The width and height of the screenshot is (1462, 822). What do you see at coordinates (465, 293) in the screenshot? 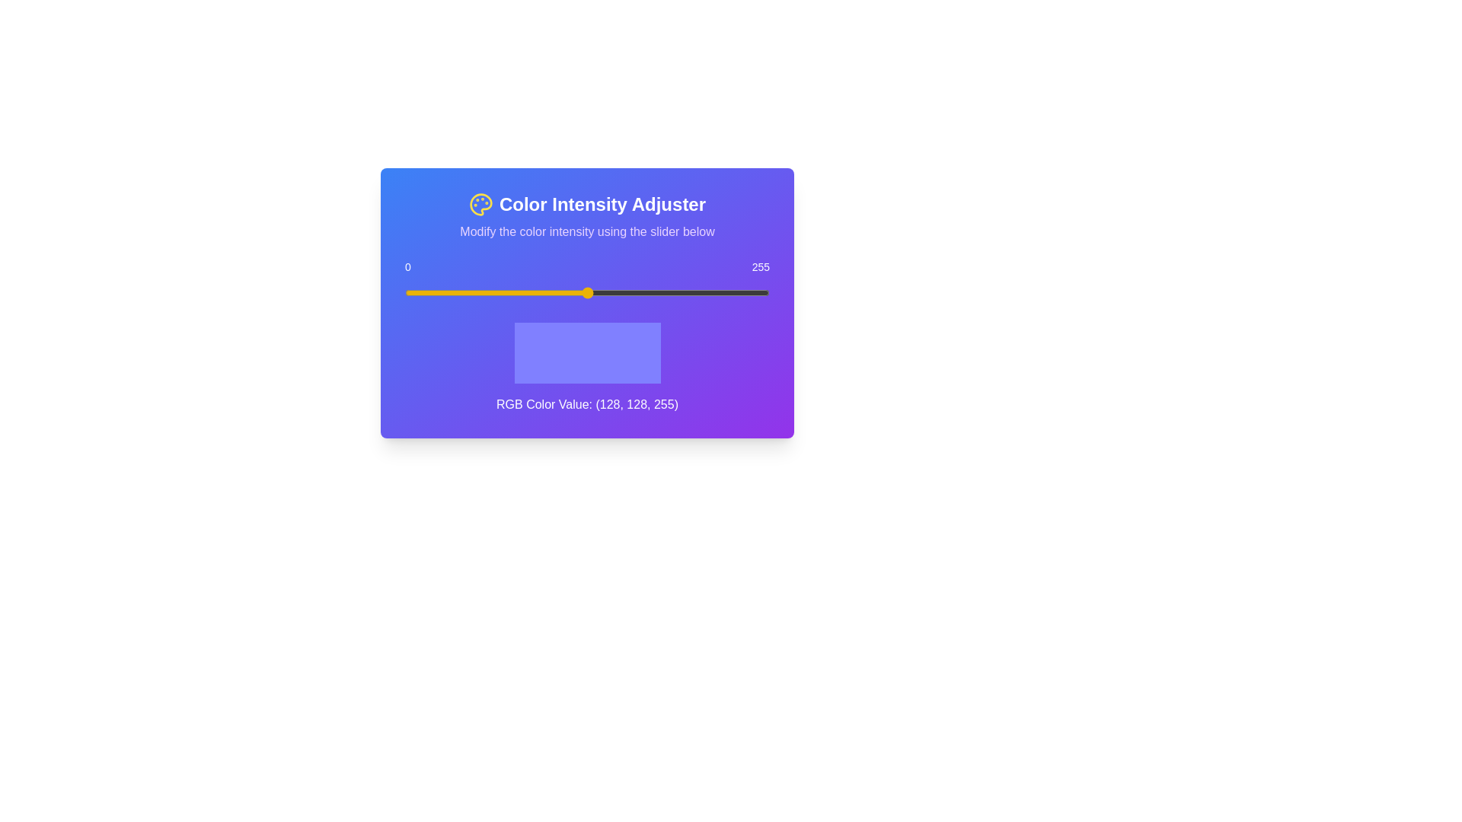
I see `the slider to set the value to 43` at bounding box center [465, 293].